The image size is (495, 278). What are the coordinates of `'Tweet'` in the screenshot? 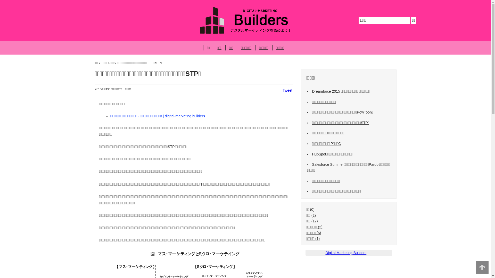 It's located at (287, 90).